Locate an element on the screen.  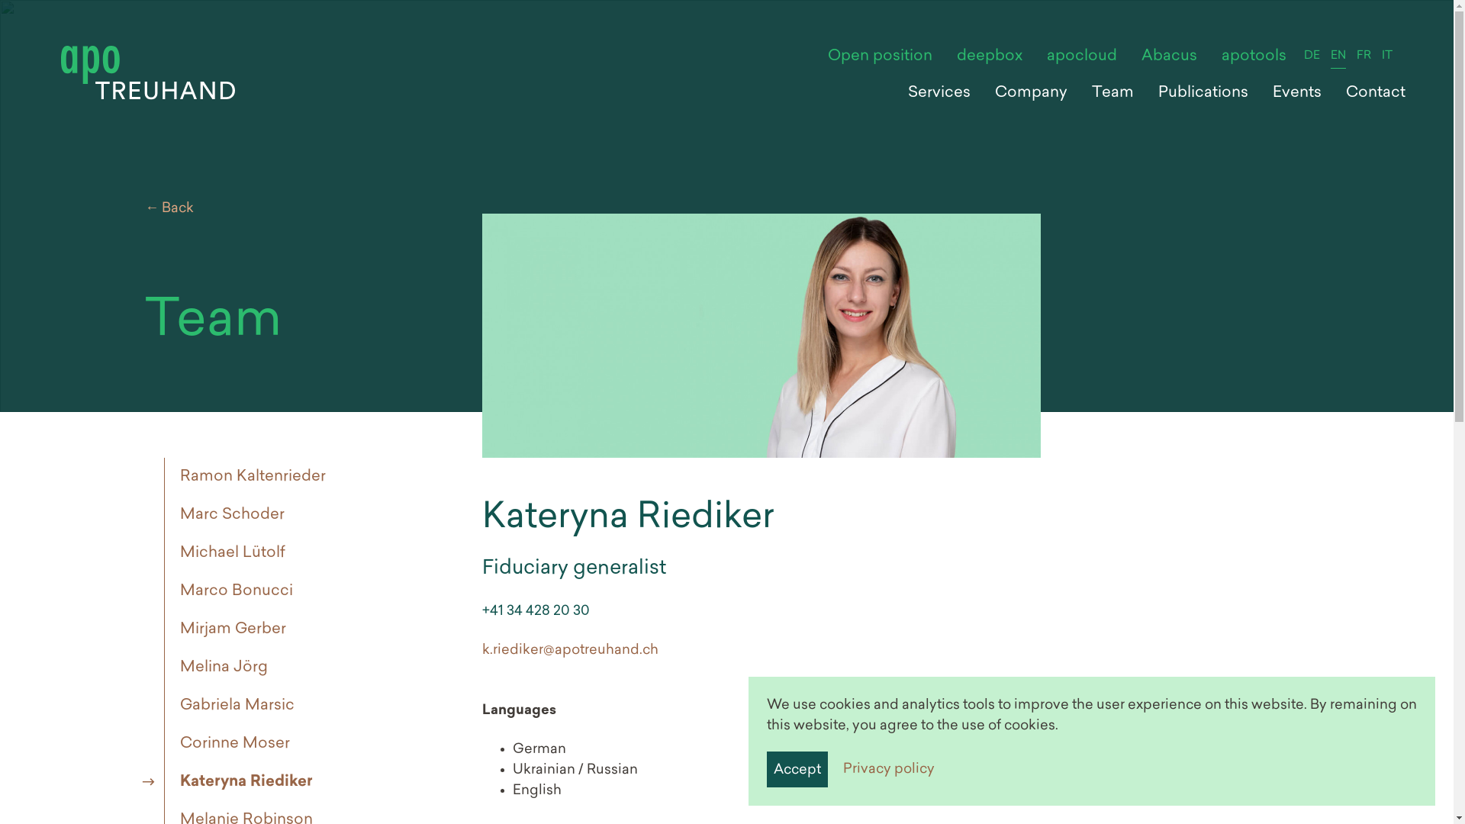
'Corinne Moser' is located at coordinates (164, 743).